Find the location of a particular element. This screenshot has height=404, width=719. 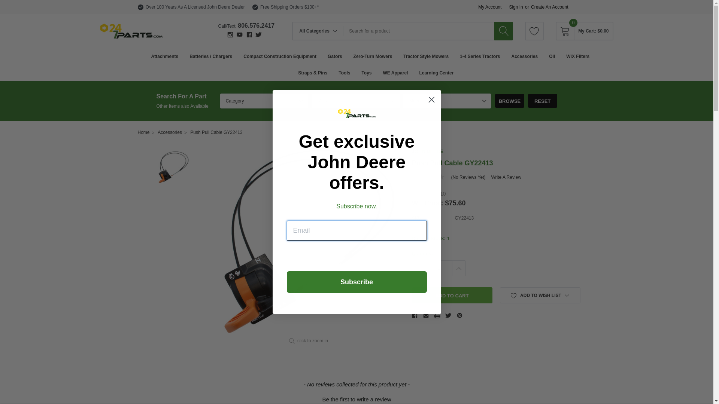

'Accessories' is located at coordinates (169, 132).